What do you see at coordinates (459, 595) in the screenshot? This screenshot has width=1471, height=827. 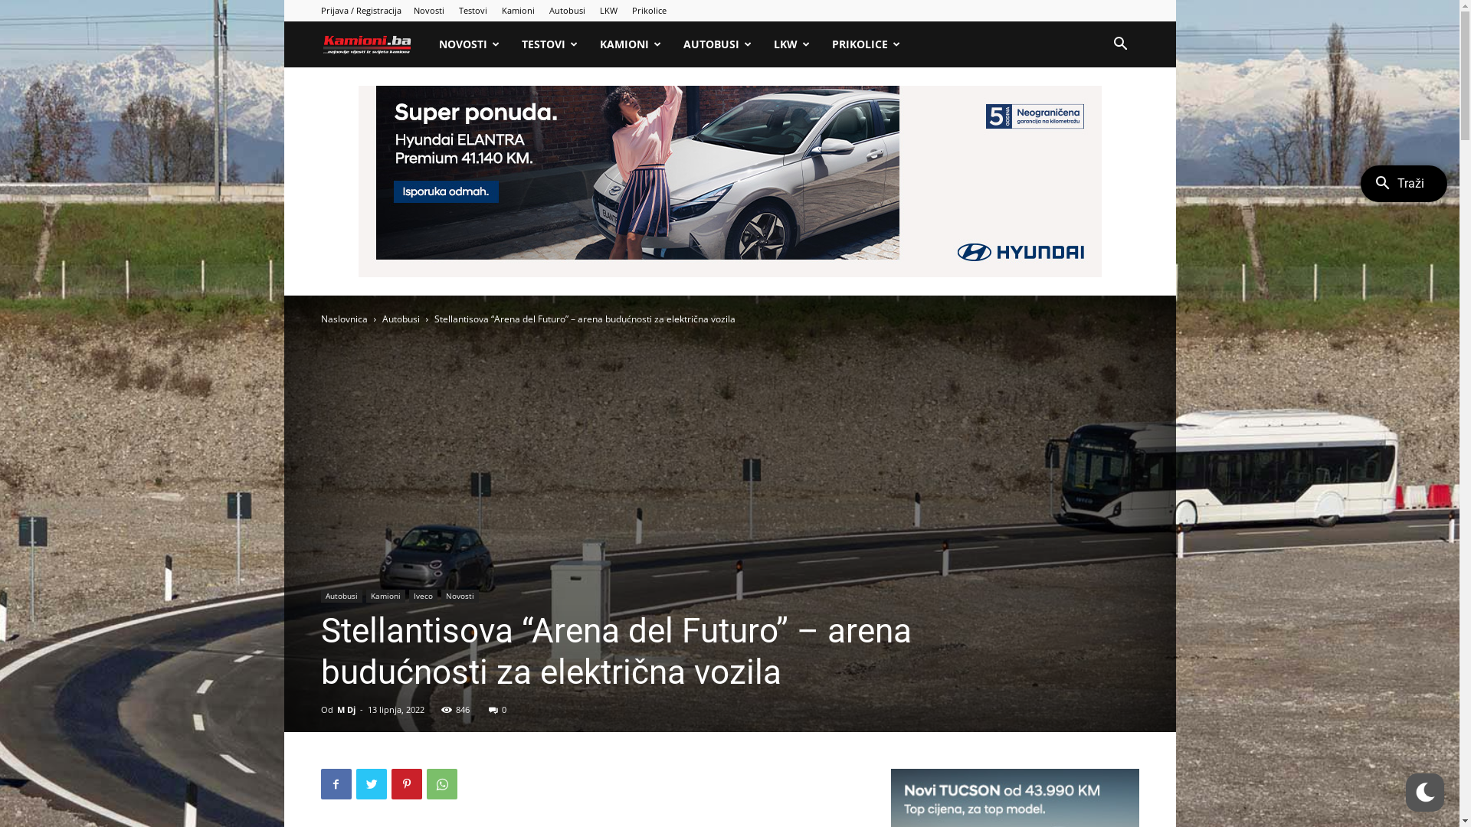 I see `'Novosti'` at bounding box center [459, 595].